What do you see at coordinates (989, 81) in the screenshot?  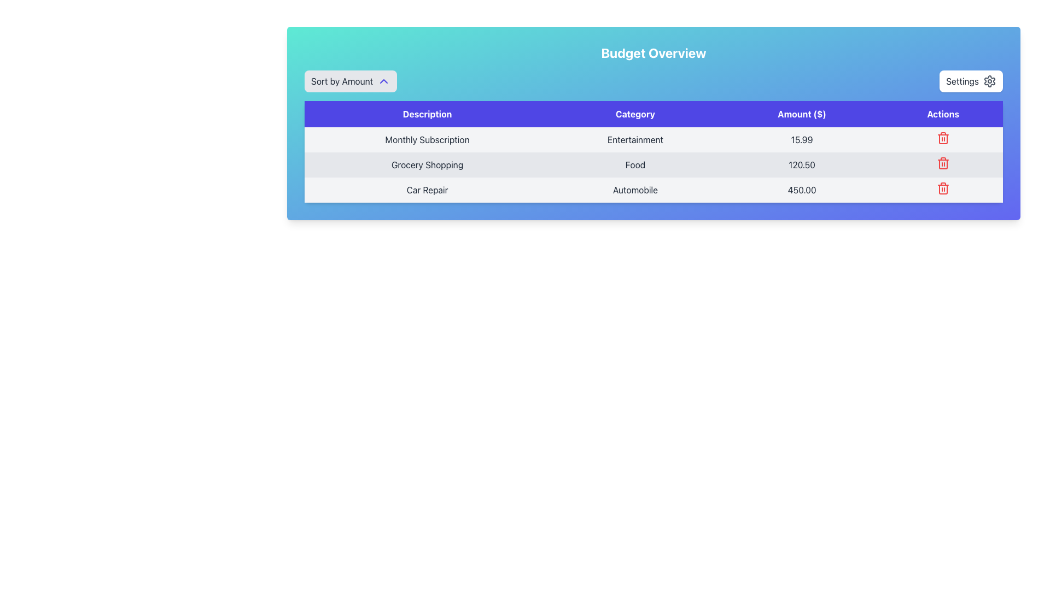 I see `the gear icon located at the top-right corner of the interface, which is part of the 'Settings' button` at bounding box center [989, 81].